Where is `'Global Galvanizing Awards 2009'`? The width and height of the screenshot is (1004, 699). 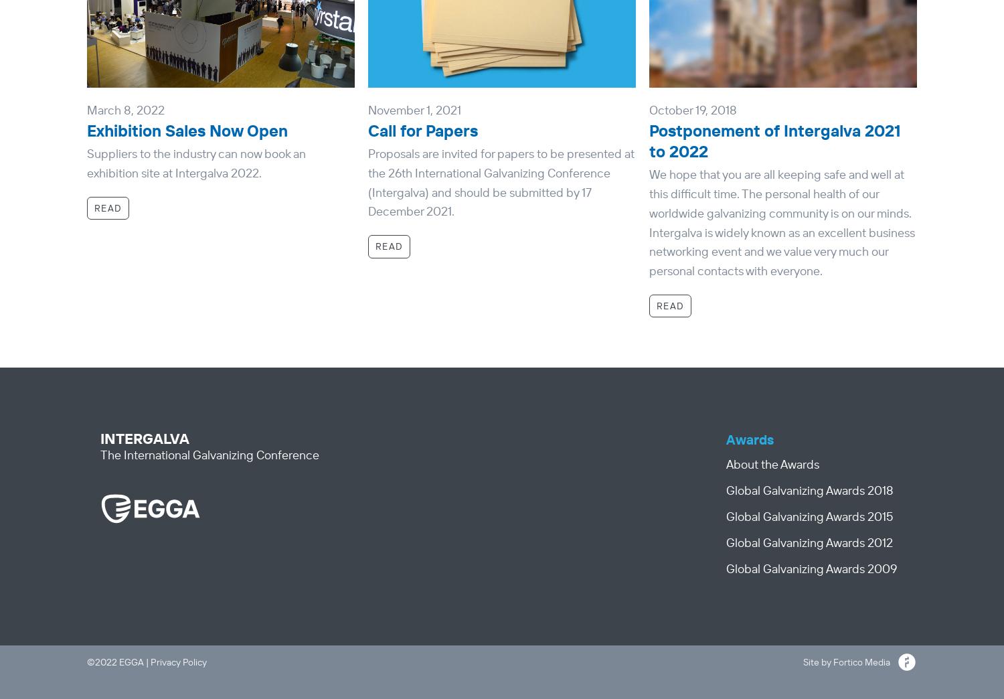
'Global Galvanizing Awards 2009' is located at coordinates (811, 567).